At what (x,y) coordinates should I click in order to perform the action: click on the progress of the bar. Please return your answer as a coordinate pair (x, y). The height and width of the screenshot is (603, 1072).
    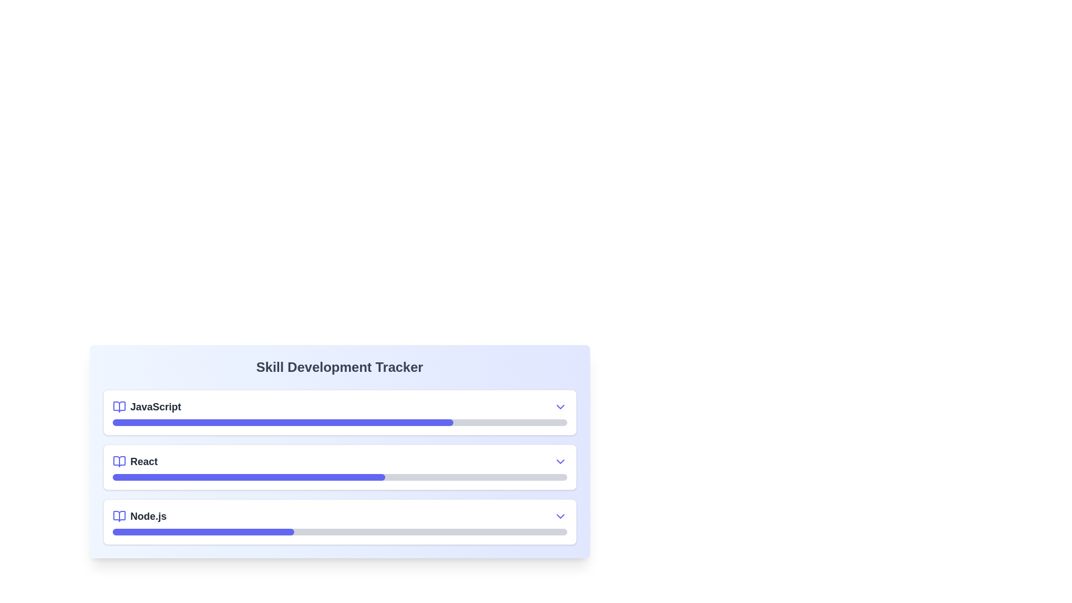
    Looking at the image, I should click on (485, 477).